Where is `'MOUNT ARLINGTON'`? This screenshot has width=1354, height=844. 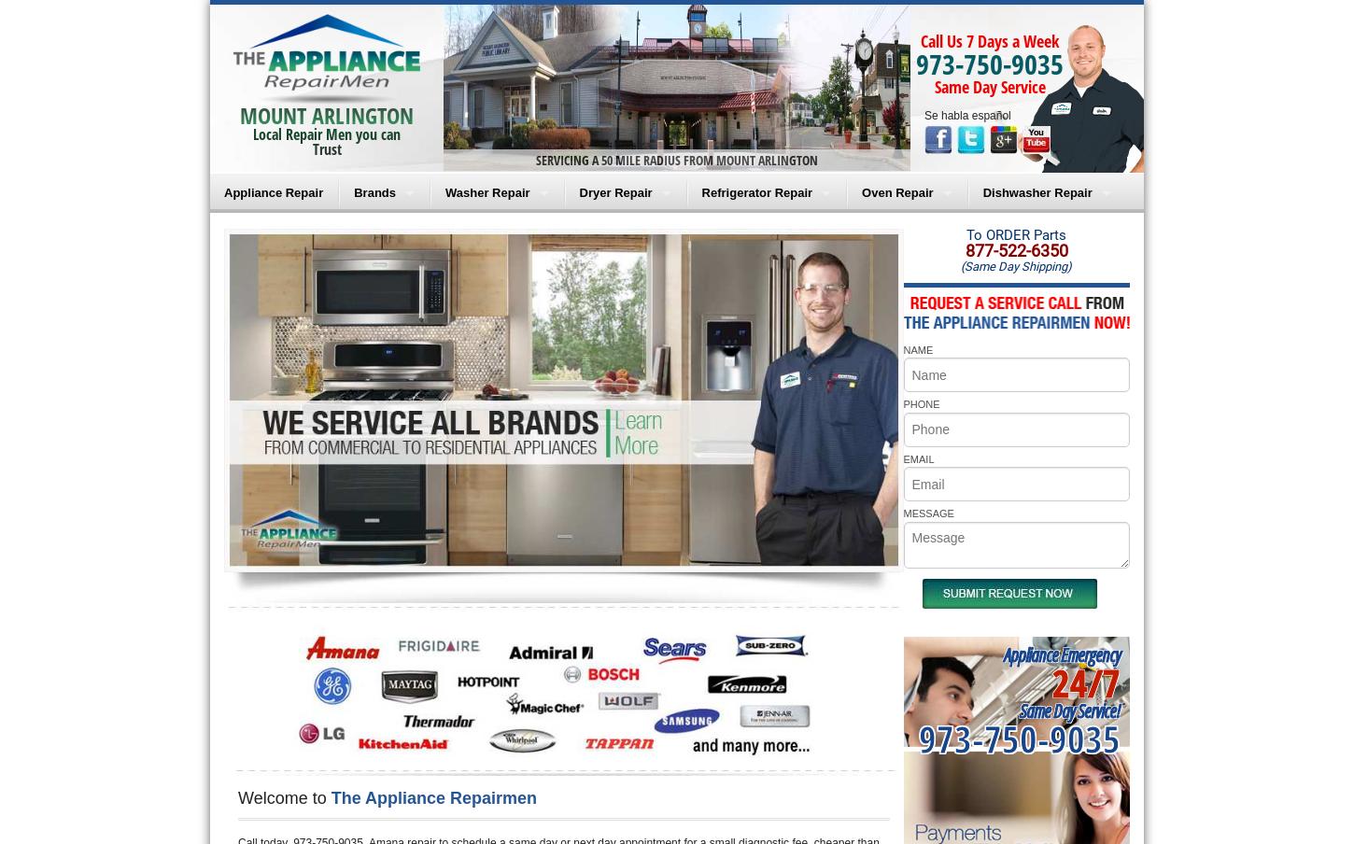
'MOUNT ARLINGTON' is located at coordinates (239, 114).